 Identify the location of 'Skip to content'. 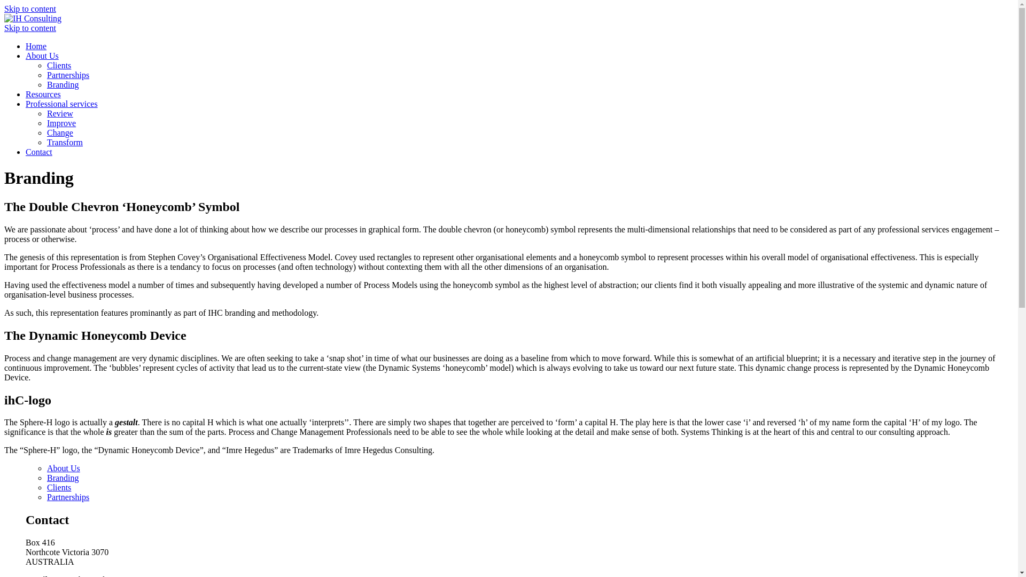
(30, 27).